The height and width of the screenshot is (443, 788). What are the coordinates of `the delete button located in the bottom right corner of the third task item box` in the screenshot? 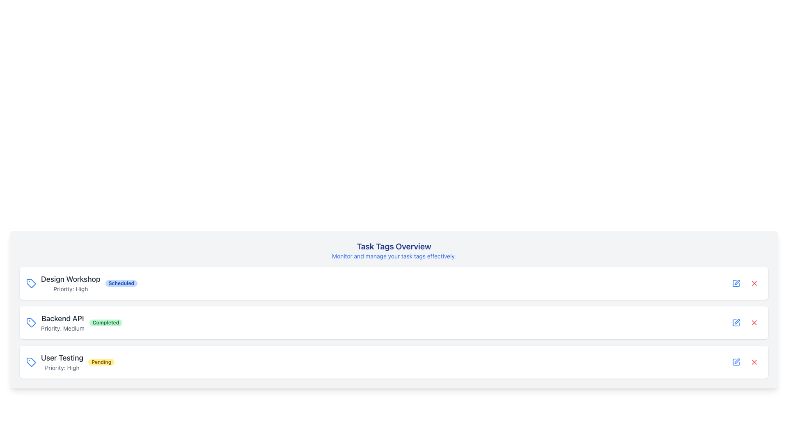 It's located at (754, 362).